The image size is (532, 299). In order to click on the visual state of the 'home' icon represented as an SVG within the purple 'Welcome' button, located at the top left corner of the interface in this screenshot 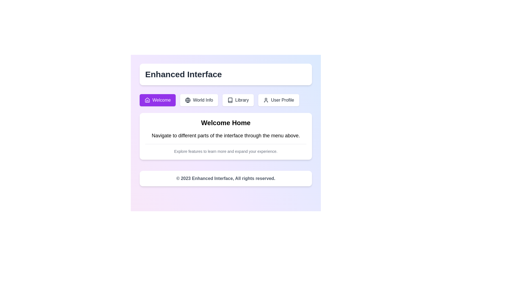, I will do `click(147, 100)`.